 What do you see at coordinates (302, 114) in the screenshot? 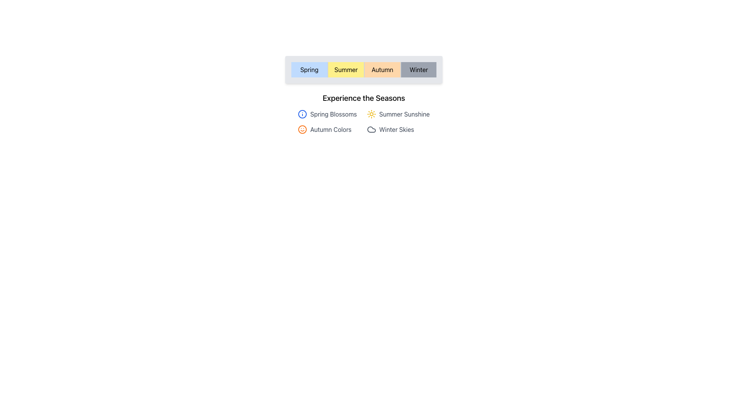
I see `the Vector Circle, which is a circular outline with a white fill and a blue border, part of the blue-themed icon in the 'Spring Blossoms' row` at bounding box center [302, 114].